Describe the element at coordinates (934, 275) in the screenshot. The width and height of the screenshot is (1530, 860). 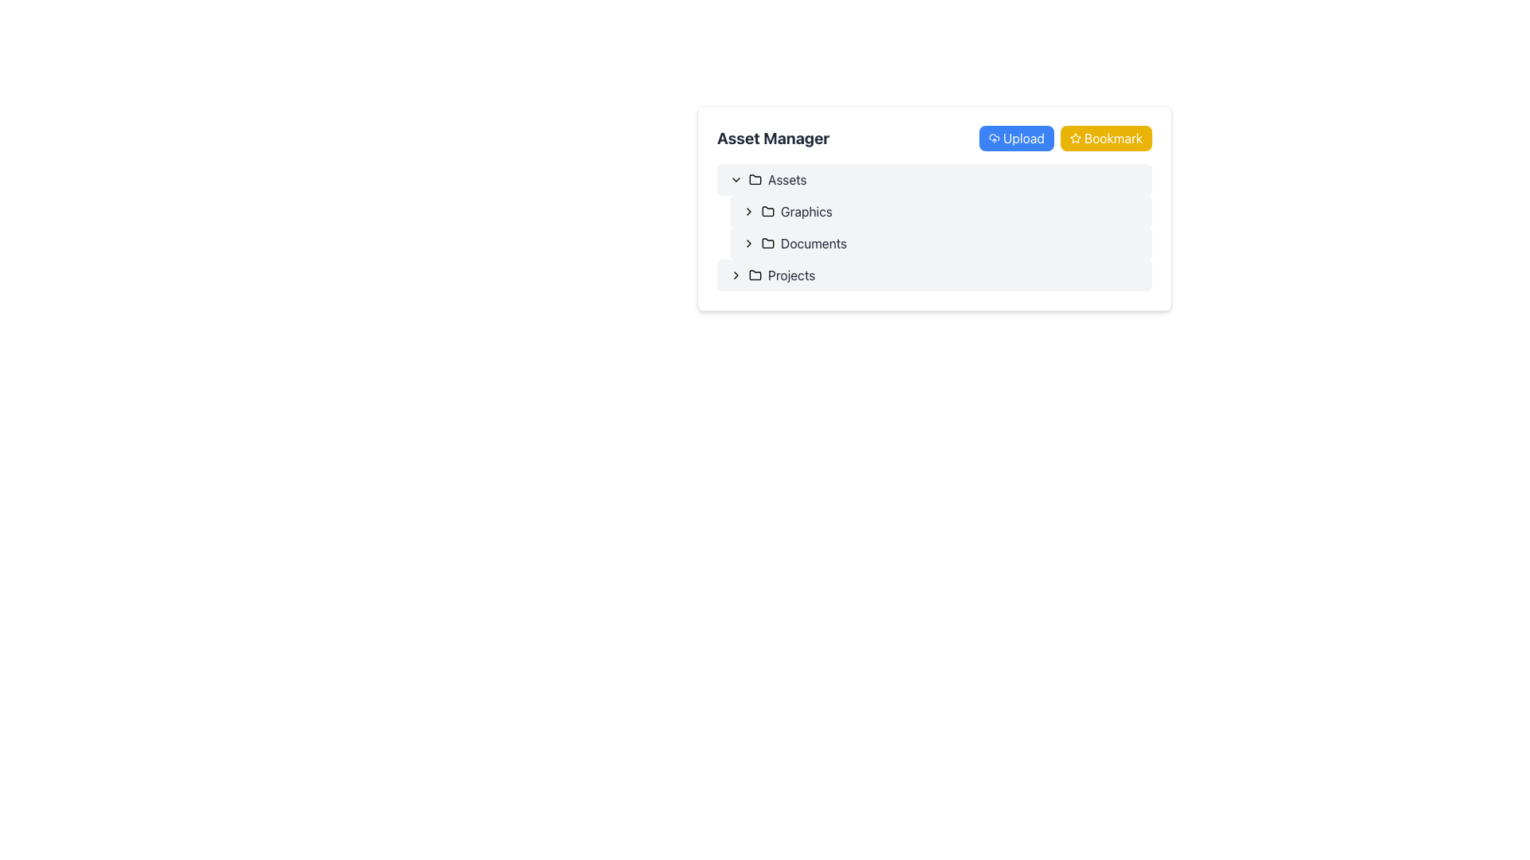
I see `the last item in the vertical list of the 'Asset Manager' panel` at that location.